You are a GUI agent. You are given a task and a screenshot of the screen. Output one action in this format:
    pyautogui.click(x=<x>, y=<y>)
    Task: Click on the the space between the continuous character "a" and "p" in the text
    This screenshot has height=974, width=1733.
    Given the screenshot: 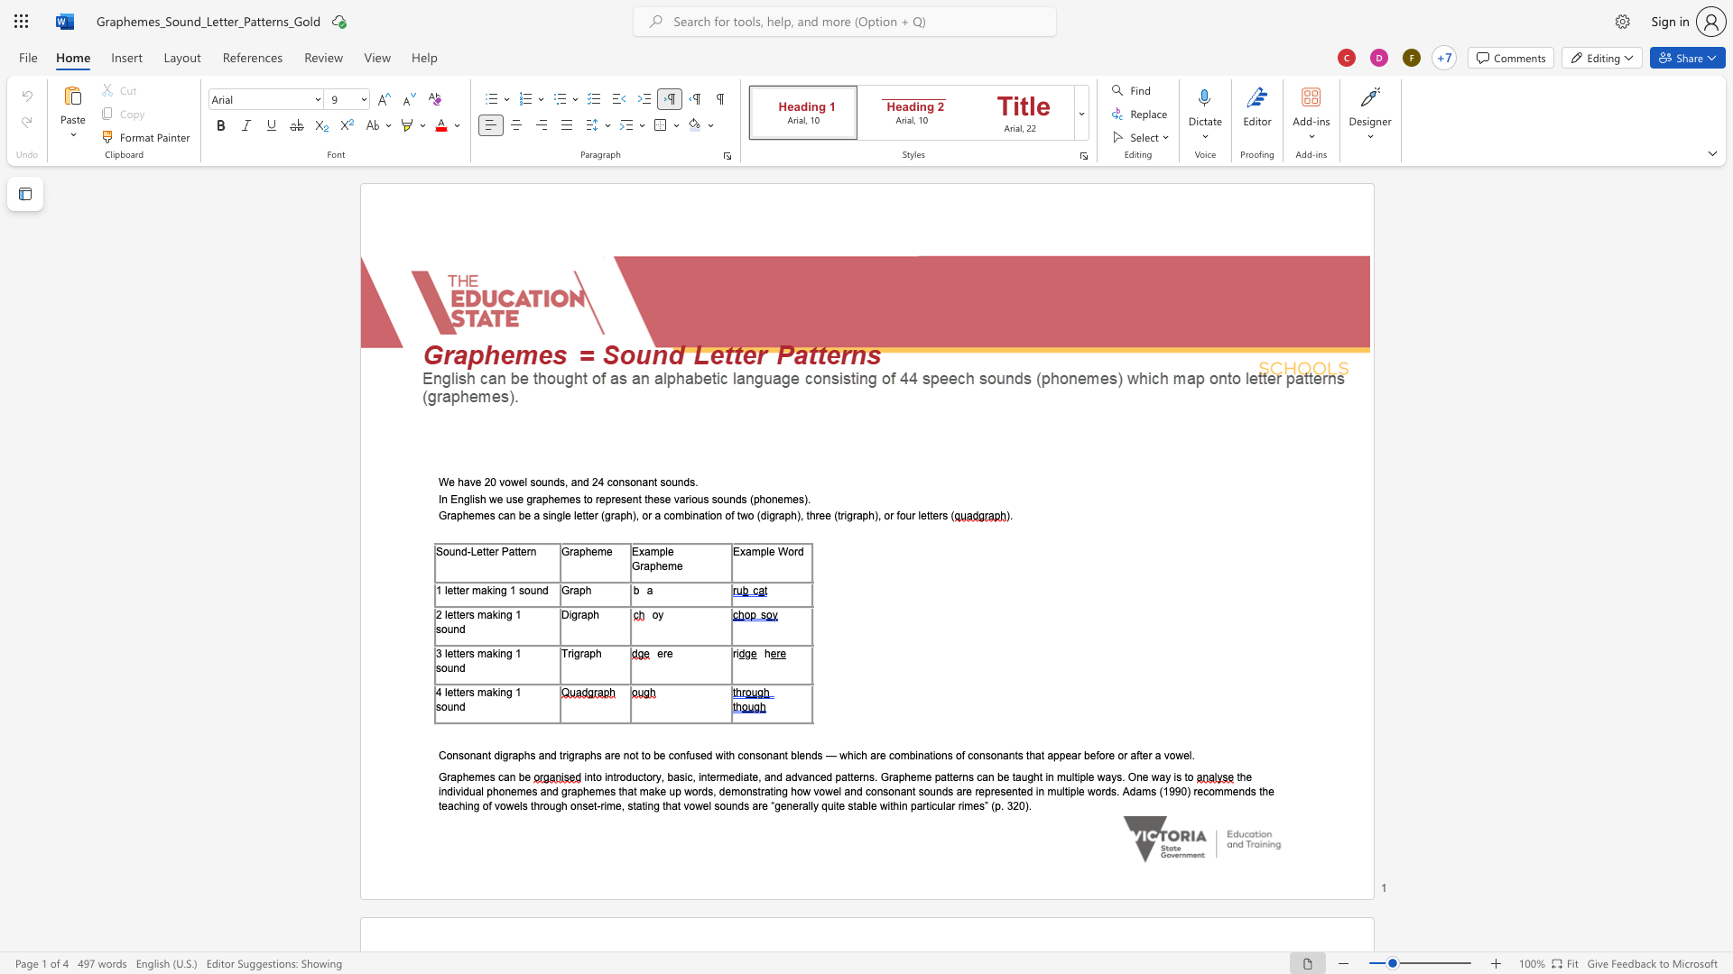 What is the action you would take?
    pyautogui.click(x=650, y=565)
    